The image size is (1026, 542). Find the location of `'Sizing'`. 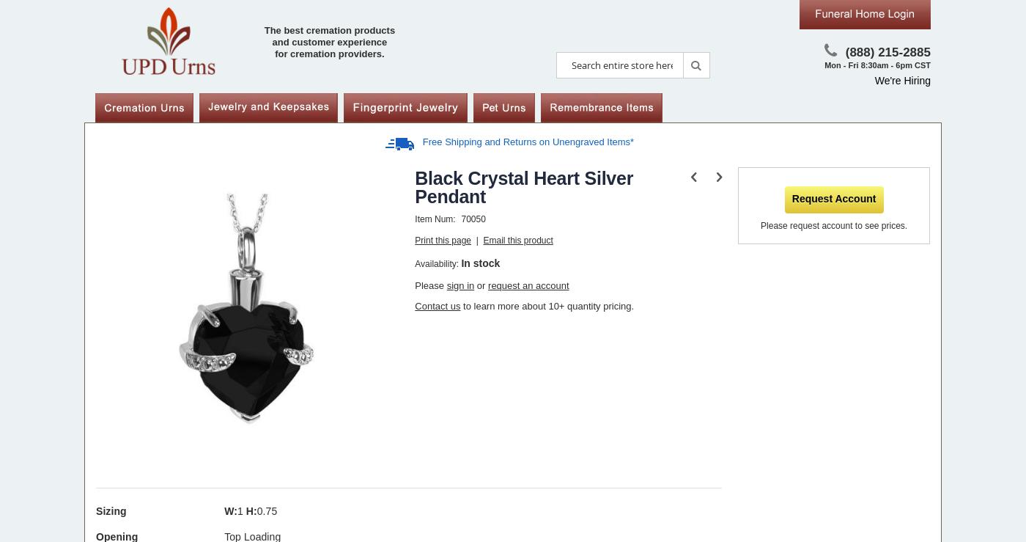

'Sizing' is located at coordinates (111, 510).